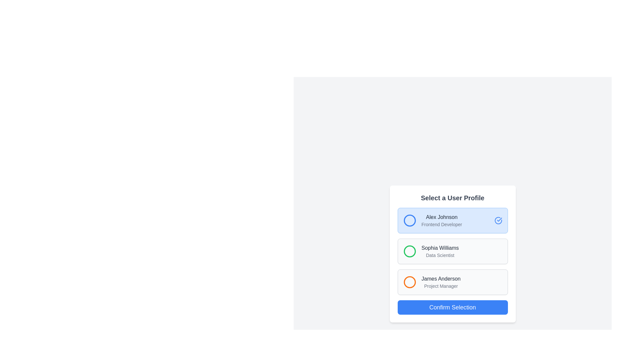  What do you see at coordinates (440, 248) in the screenshot?
I see `the text label displaying 'Sophia Williams', which is located in the second user profile option of the selection list, to interact with adjacent components` at bounding box center [440, 248].